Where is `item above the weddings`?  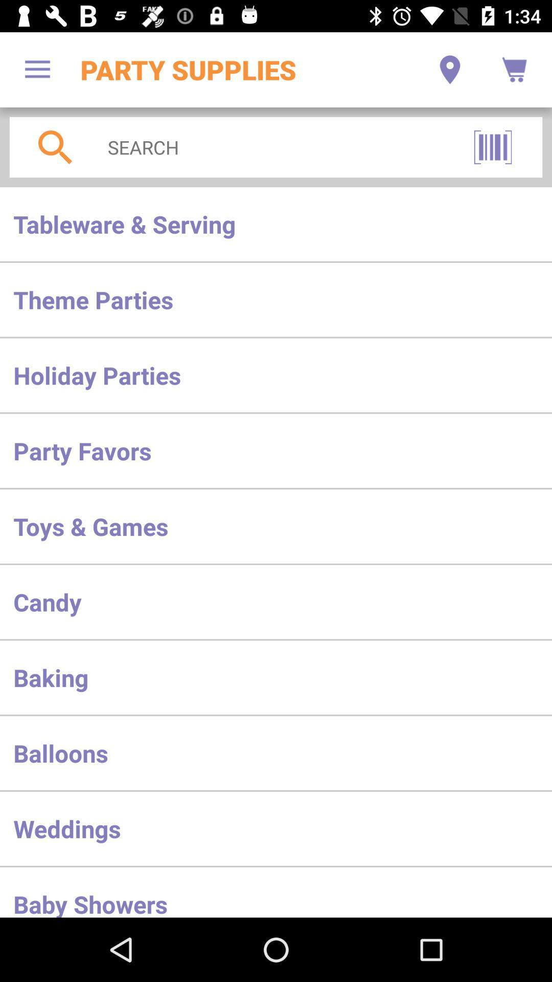
item above the weddings is located at coordinates (276, 753).